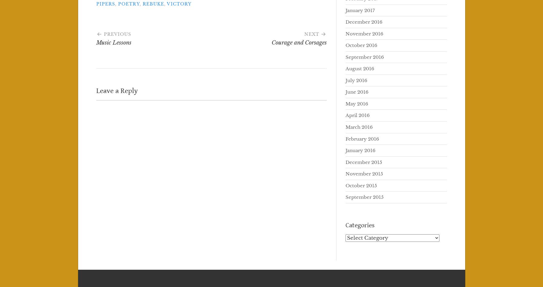 The width and height of the screenshot is (543, 287). Describe the element at coordinates (360, 10) in the screenshot. I see `'January 2017'` at that location.